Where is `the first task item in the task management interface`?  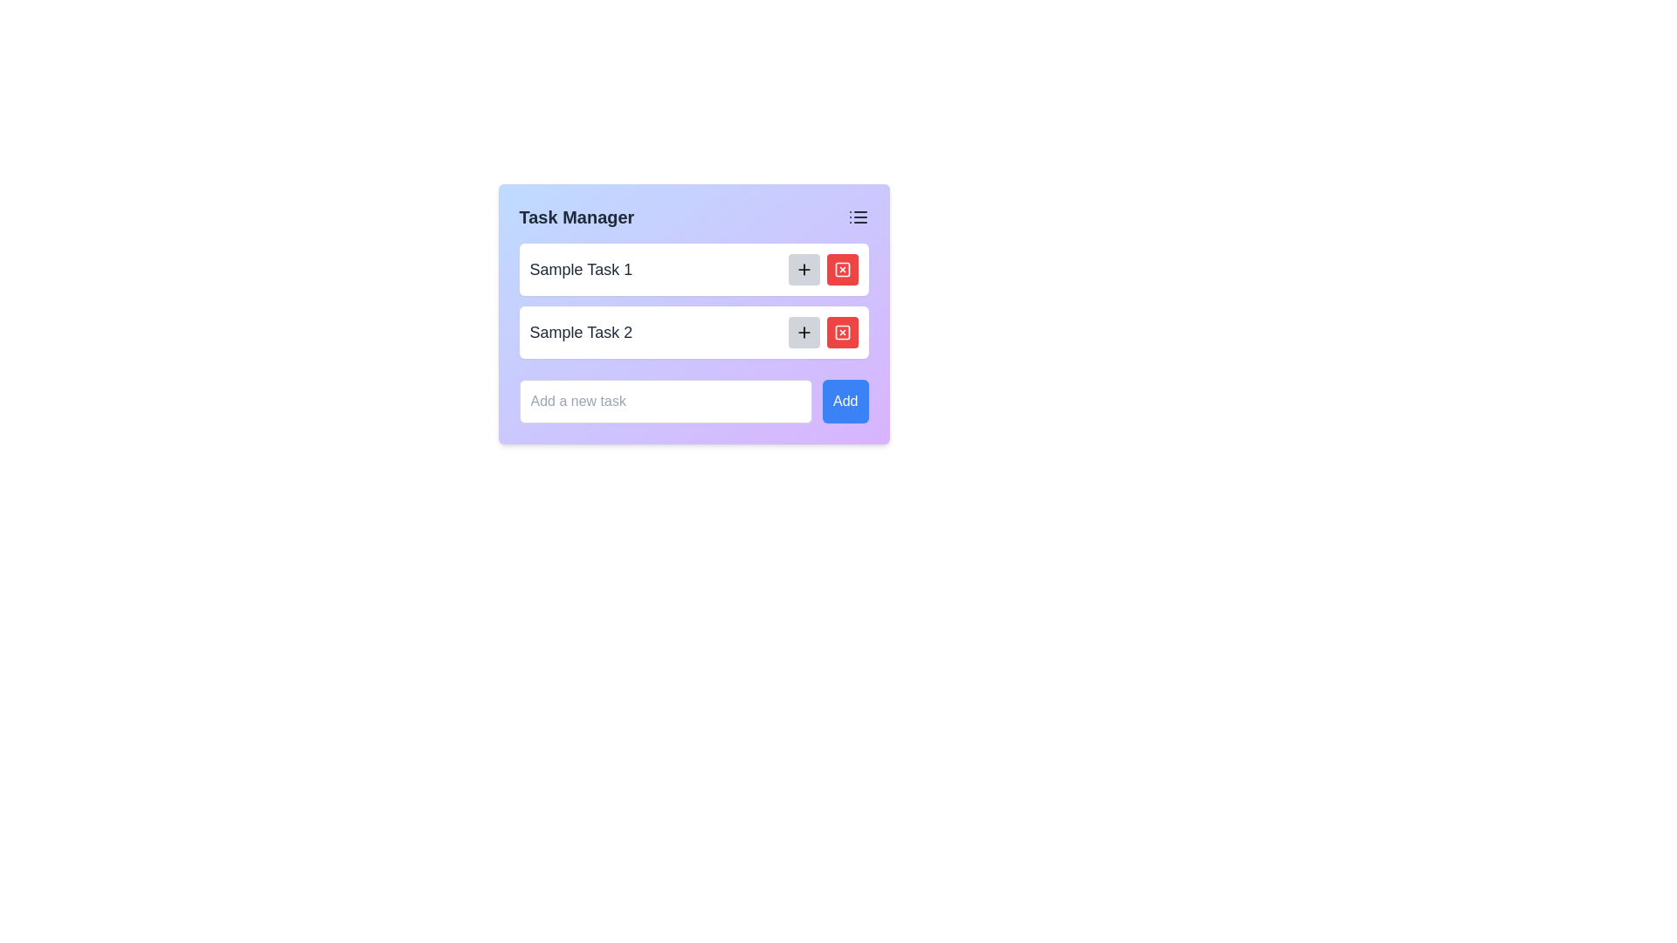 the first task item in the task management interface is located at coordinates (693, 269).